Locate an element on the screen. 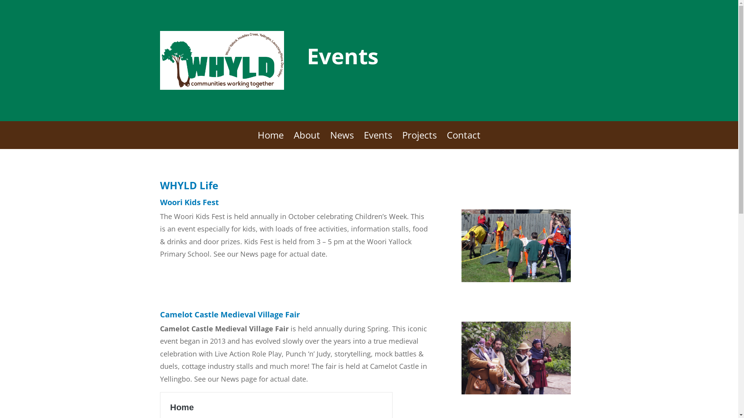  'Projects' is located at coordinates (419, 140).